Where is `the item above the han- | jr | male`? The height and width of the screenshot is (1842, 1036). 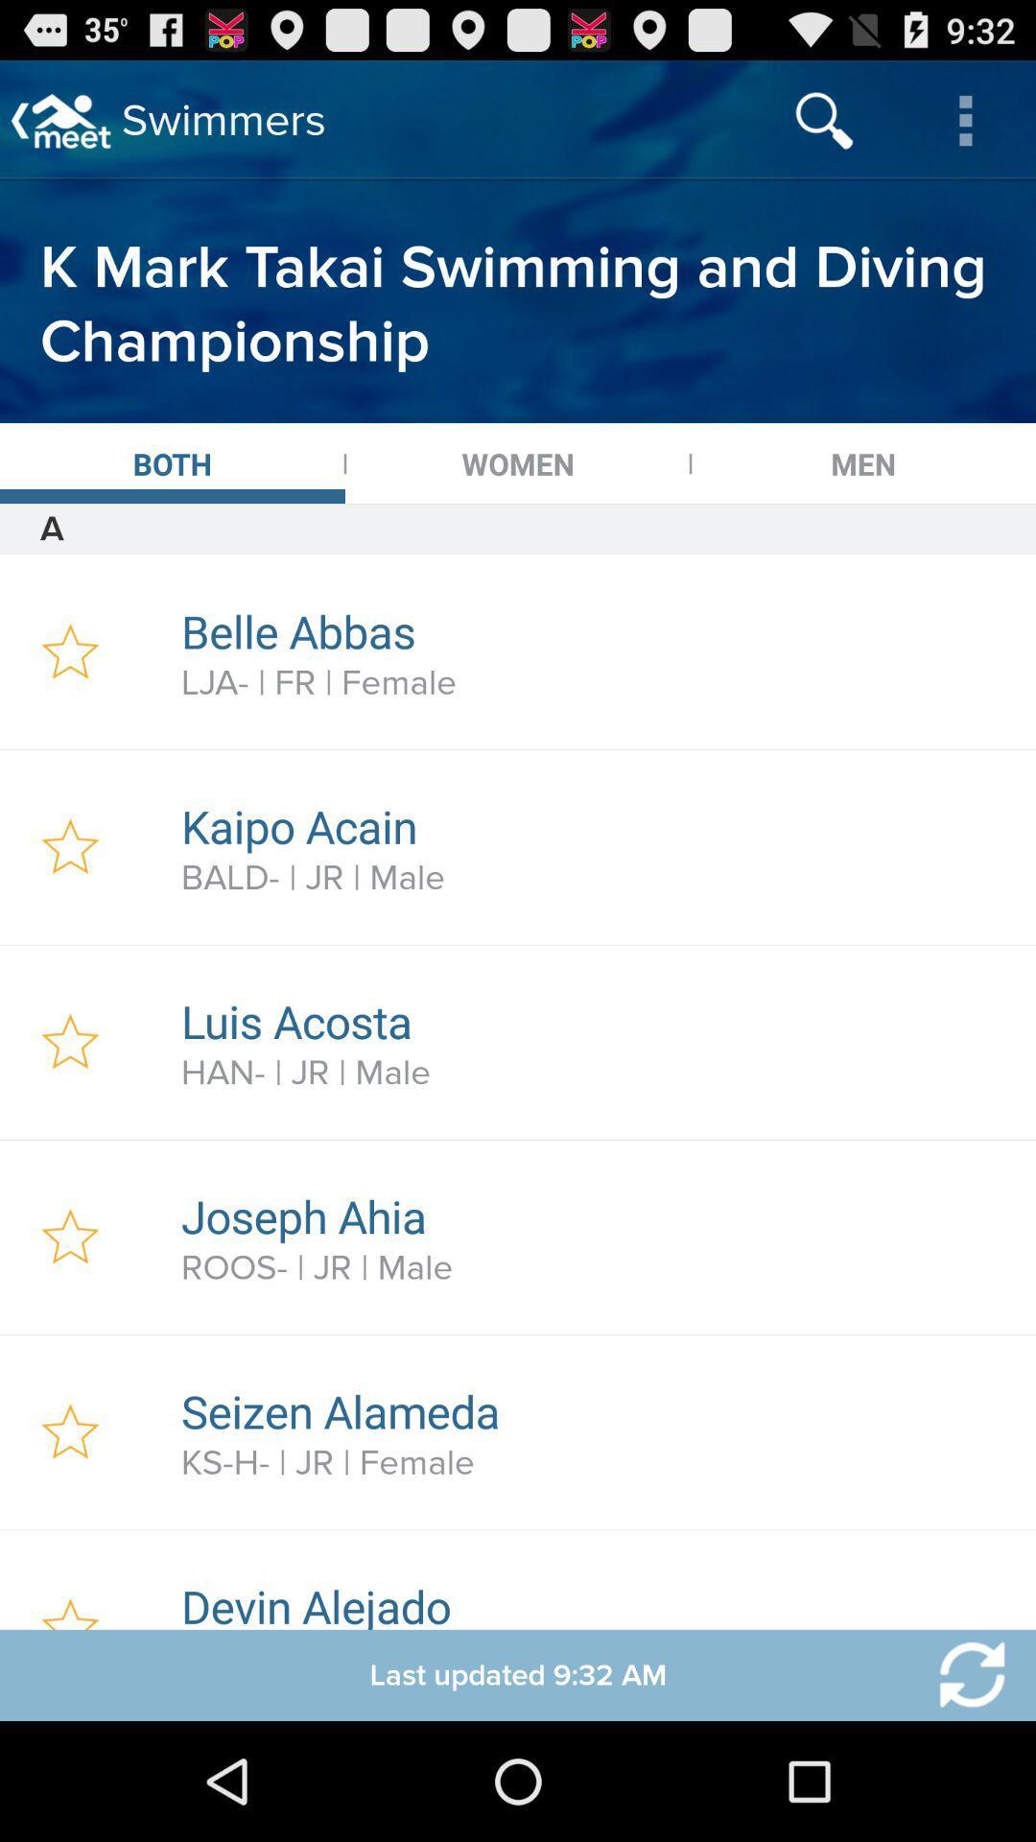
the item above the han- | jr | male is located at coordinates (598, 1020).